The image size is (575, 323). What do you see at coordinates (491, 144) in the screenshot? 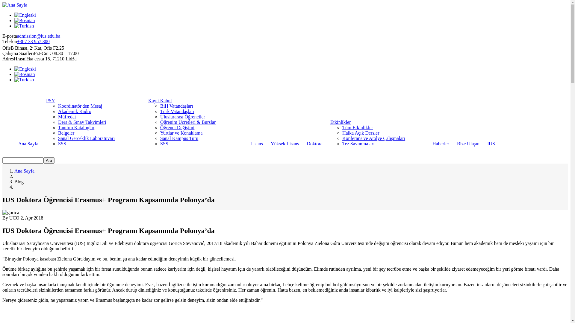
I see `'IUS'` at bounding box center [491, 144].